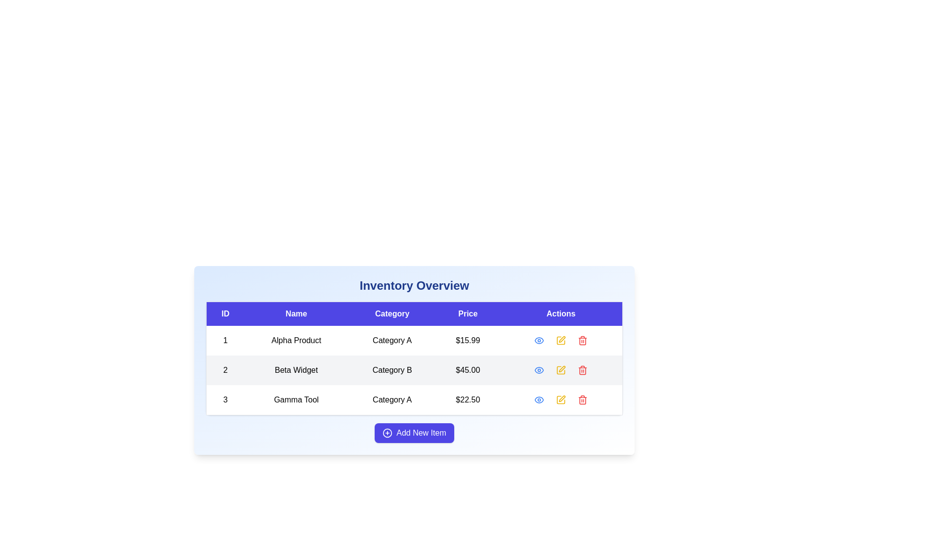  Describe the element at coordinates (561, 370) in the screenshot. I see `the Button group containing action icons in the 'Actions' column of the second row for the item 'Beta Widget' to interact with it` at that location.